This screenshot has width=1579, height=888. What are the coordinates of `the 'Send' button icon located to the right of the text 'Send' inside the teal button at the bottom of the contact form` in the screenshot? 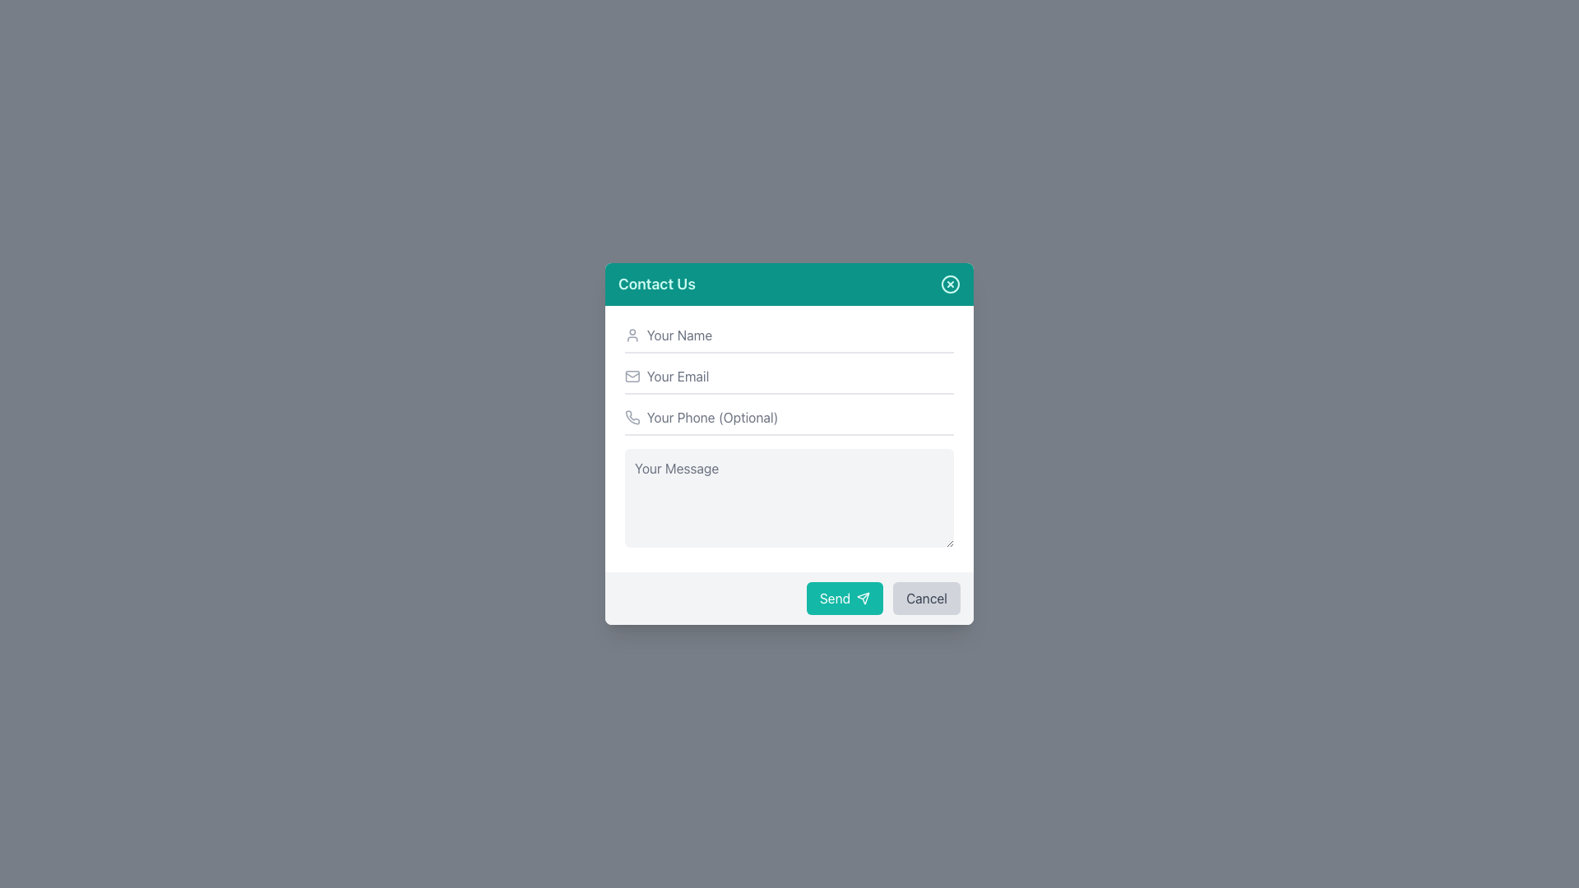 It's located at (863, 599).